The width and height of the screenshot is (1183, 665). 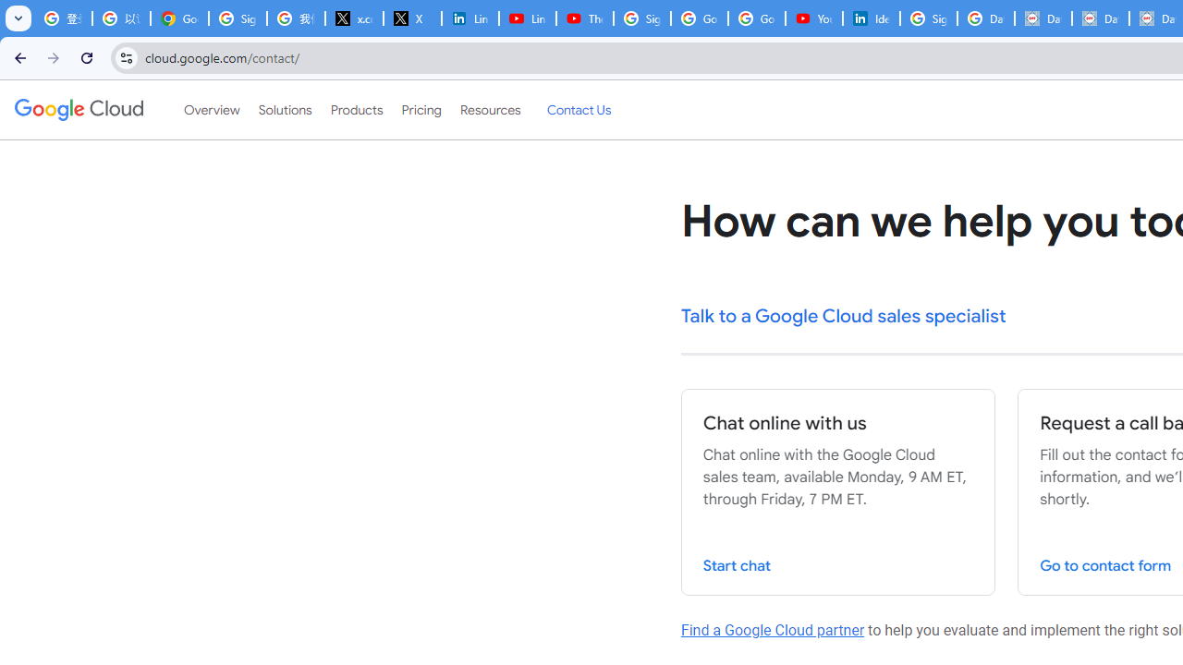 I want to click on 'X', so click(x=411, y=18).